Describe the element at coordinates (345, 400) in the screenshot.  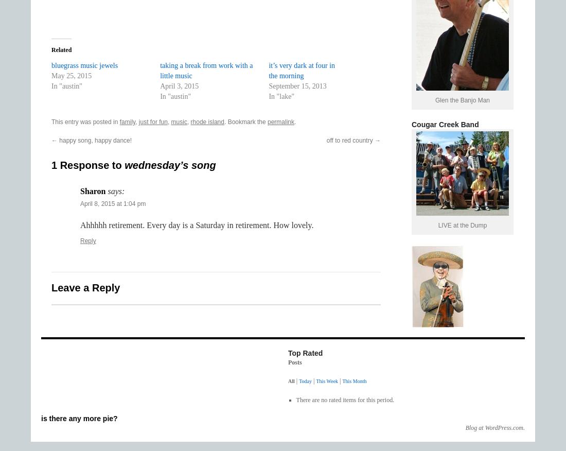
I see `'There are no rated items for this period.'` at that location.